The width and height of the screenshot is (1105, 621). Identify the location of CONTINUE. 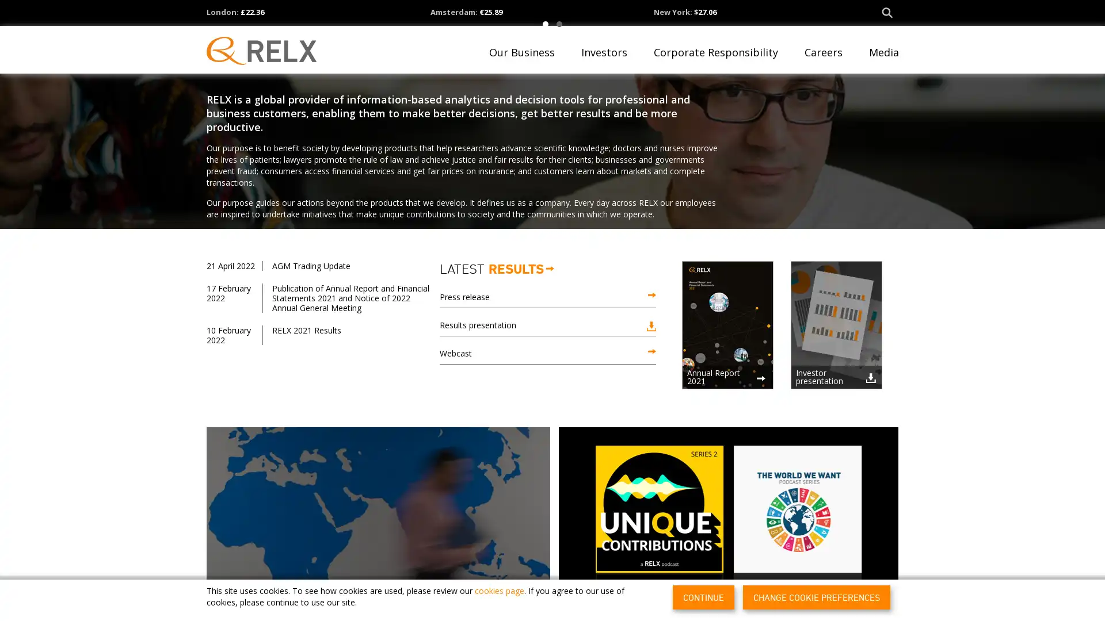
(703, 596).